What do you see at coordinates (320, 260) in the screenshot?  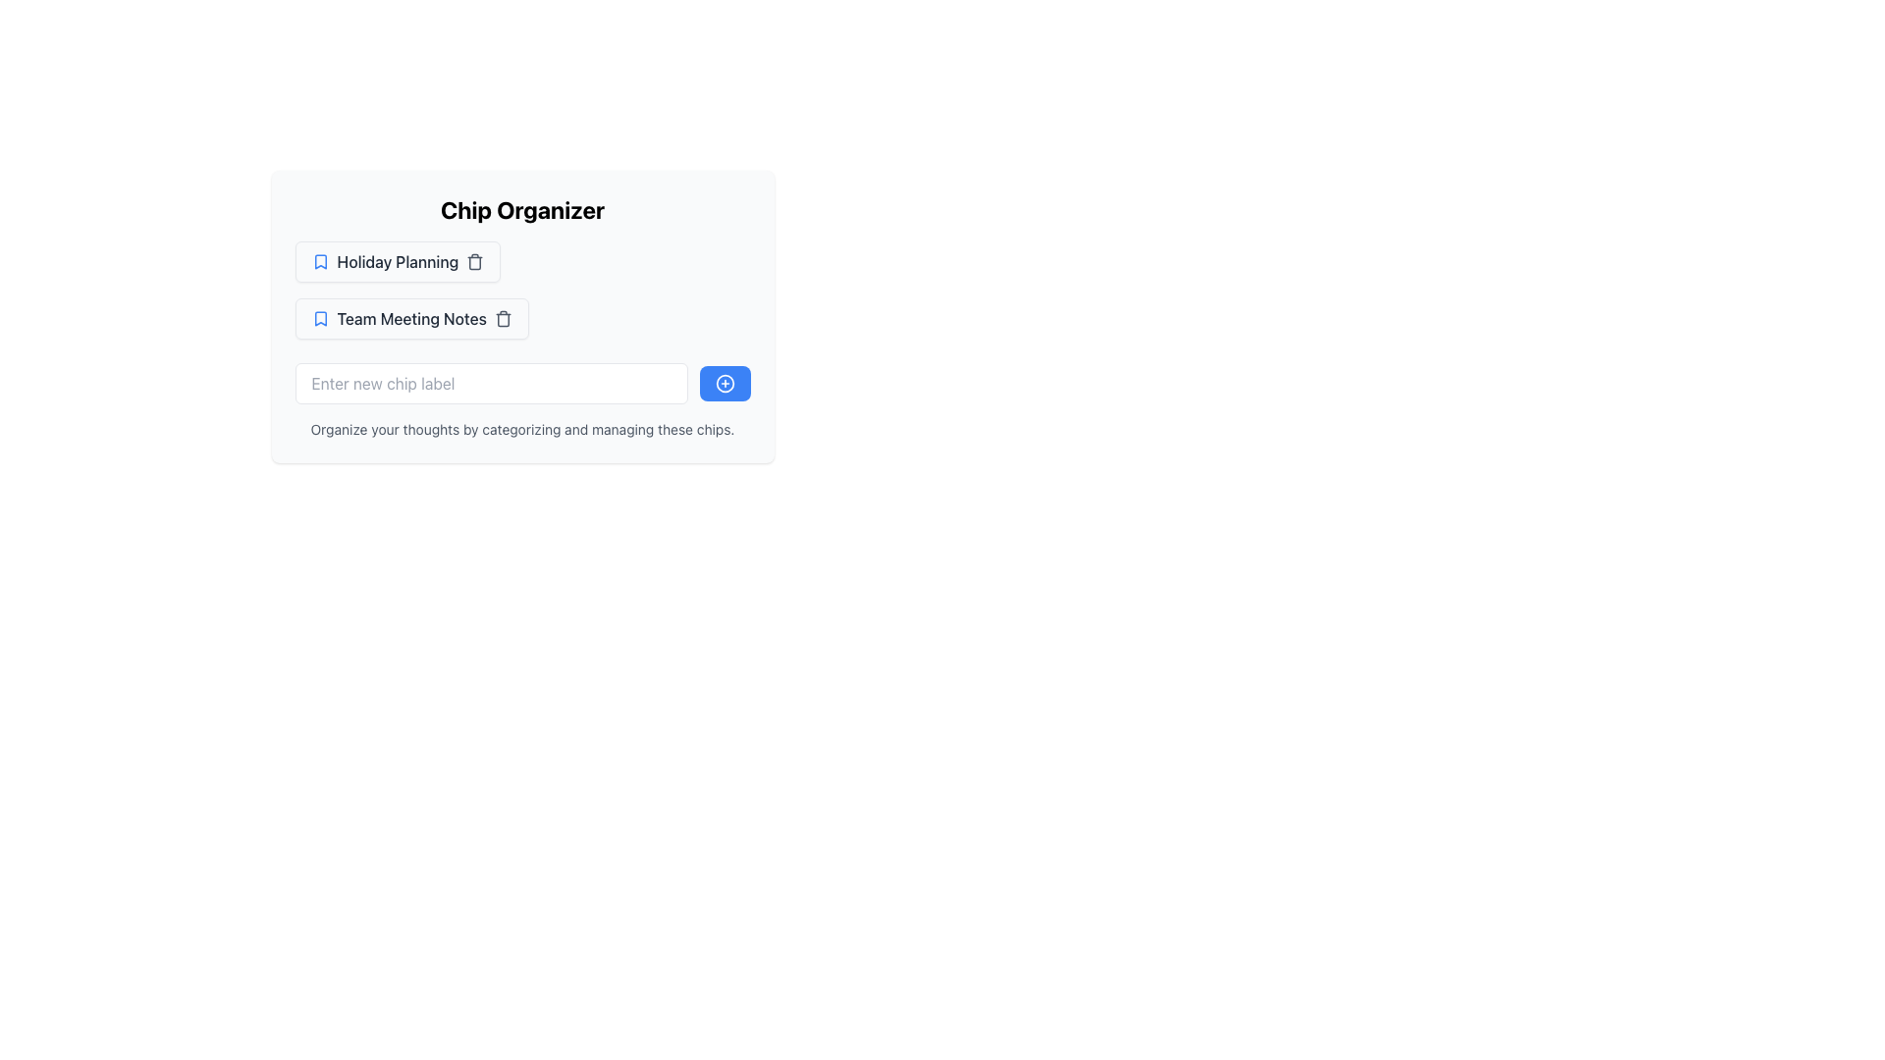 I see `the bookmark icon visually indicating the label 'Holiday Planning', located to the left of the text within the categorized chip` at bounding box center [320, 260].